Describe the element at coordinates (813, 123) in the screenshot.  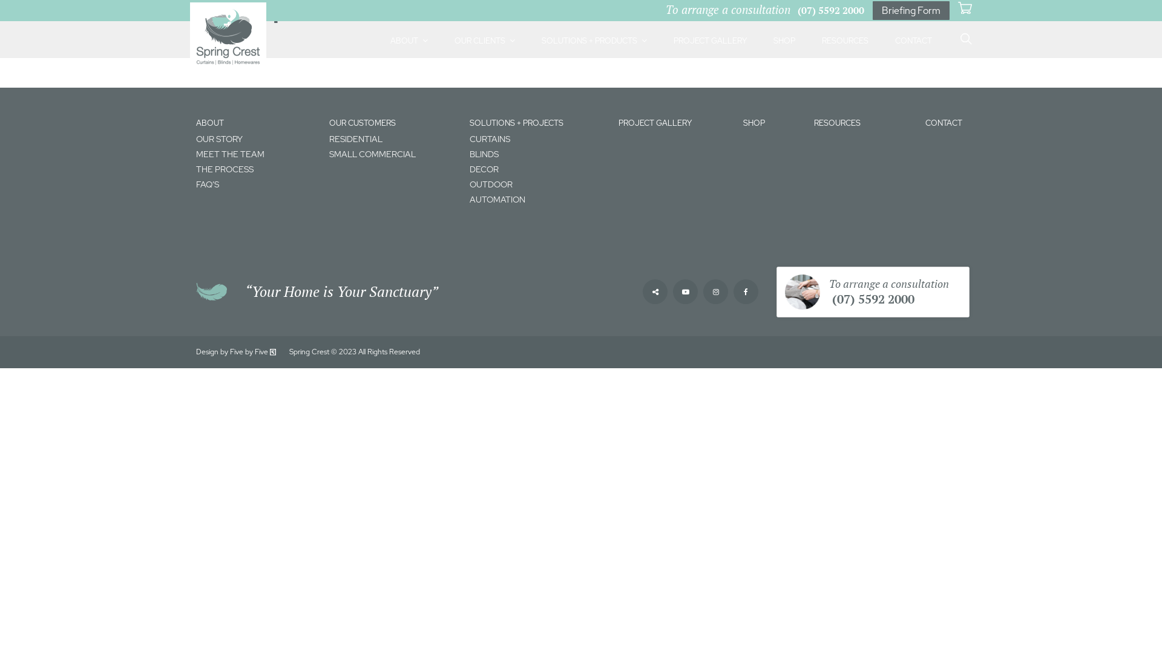
I see `'RESOURCES'` at that location.